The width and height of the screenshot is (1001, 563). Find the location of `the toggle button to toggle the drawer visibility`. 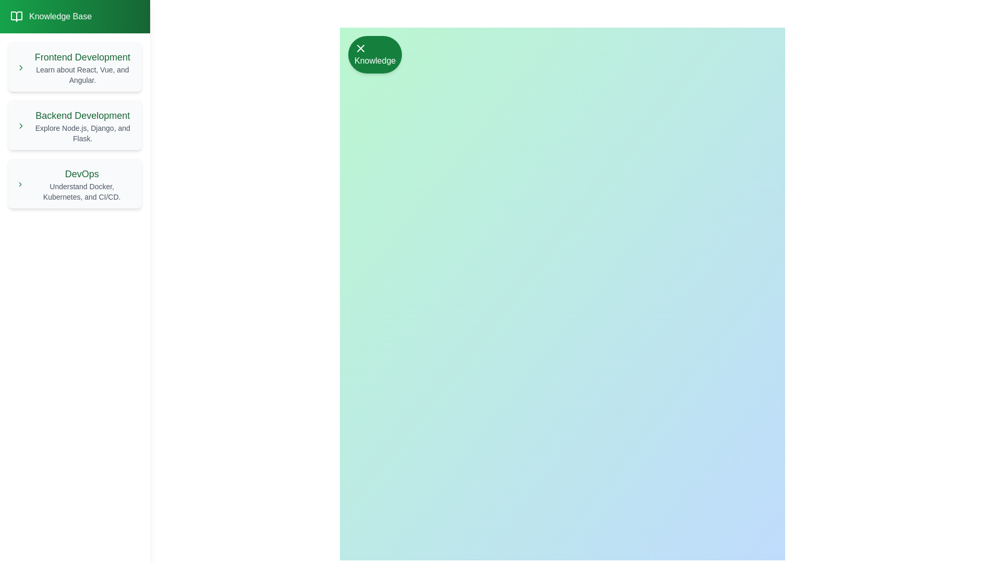

the toggle button to toggle the drawer visibility is located at coordinates (375, 54).